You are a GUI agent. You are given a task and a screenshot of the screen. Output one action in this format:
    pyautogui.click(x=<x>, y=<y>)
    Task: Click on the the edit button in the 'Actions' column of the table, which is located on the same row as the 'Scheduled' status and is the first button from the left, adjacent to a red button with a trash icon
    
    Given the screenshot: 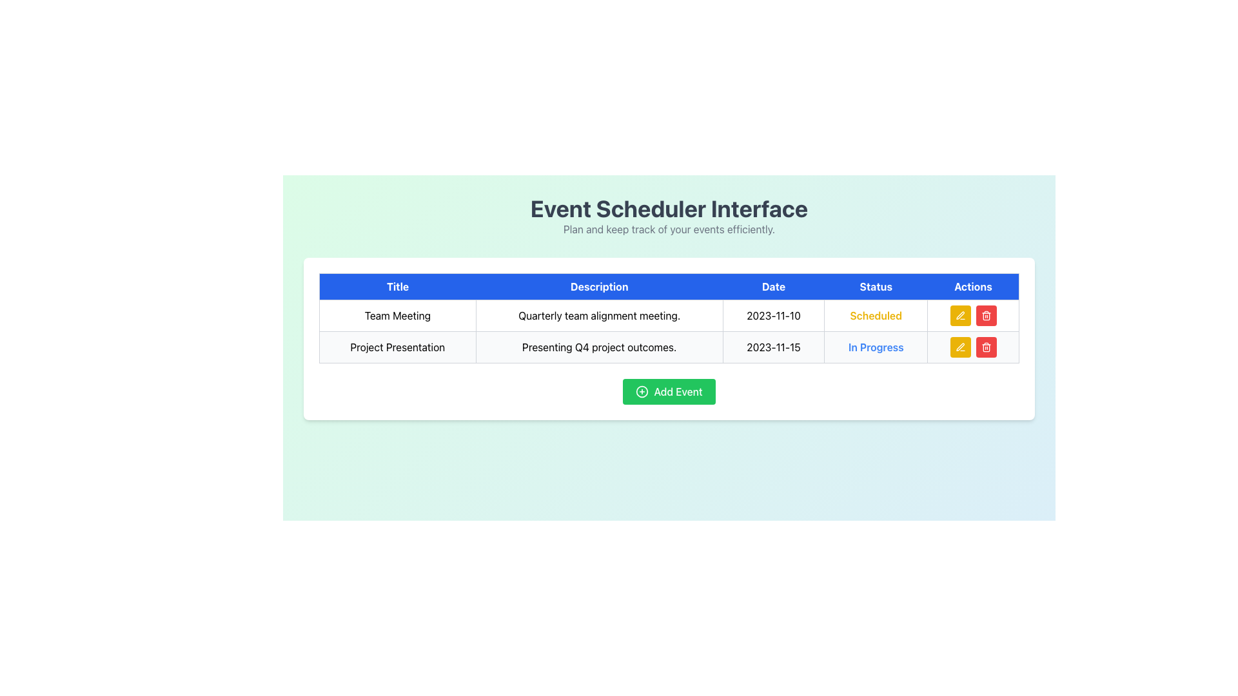 What is the action you would take?
    pyautogui.click(x=960, y=315)
    